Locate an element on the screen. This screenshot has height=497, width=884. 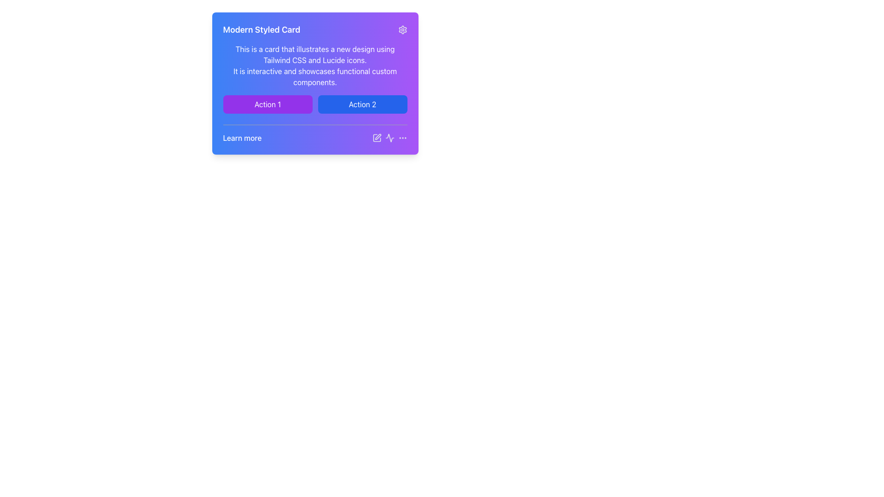
the Static Text Label that serves as the title or headline for the card, located at the upper section of the card component and aligned to the left is located at coordinates (261, 29).